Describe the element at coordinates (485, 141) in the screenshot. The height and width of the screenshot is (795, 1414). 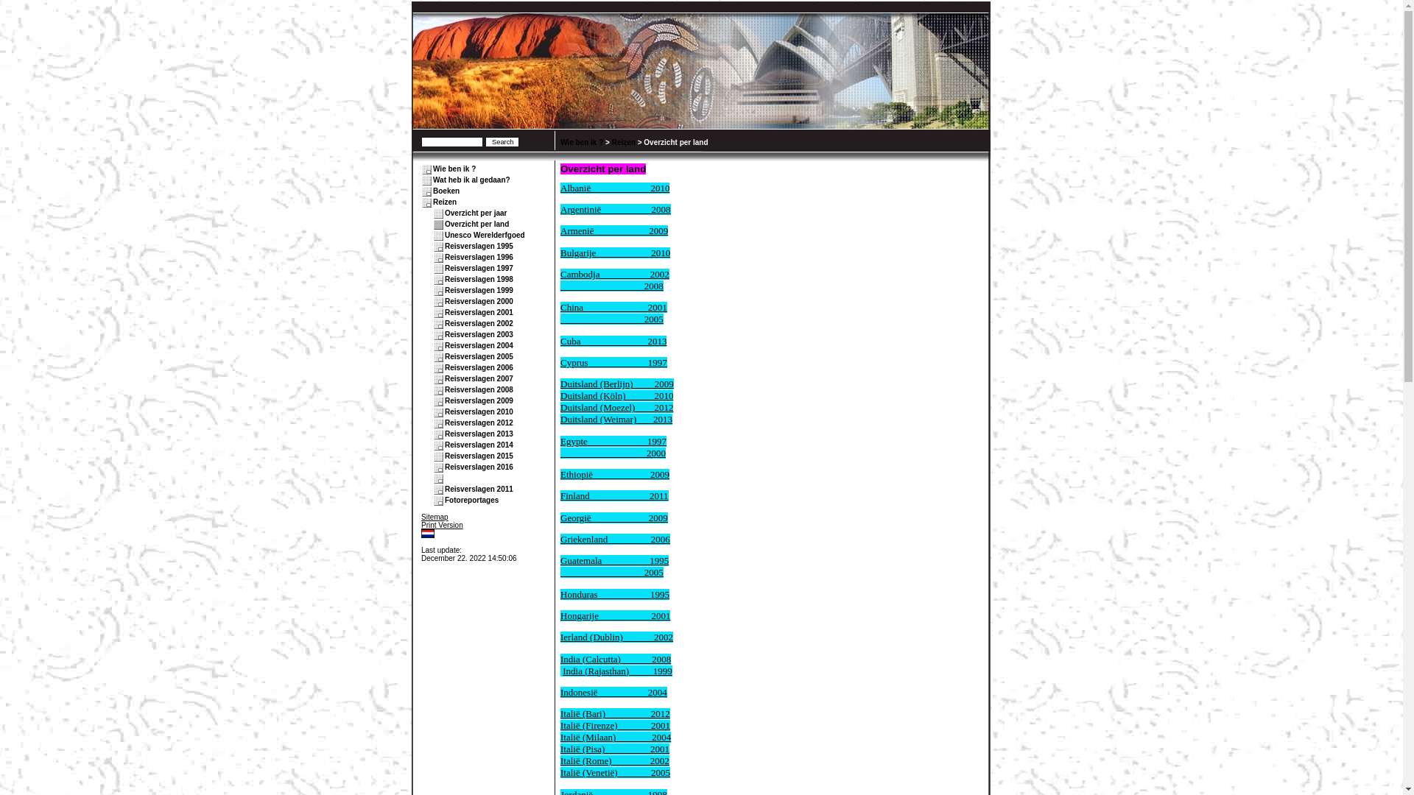
I see `'Search'` at that location.